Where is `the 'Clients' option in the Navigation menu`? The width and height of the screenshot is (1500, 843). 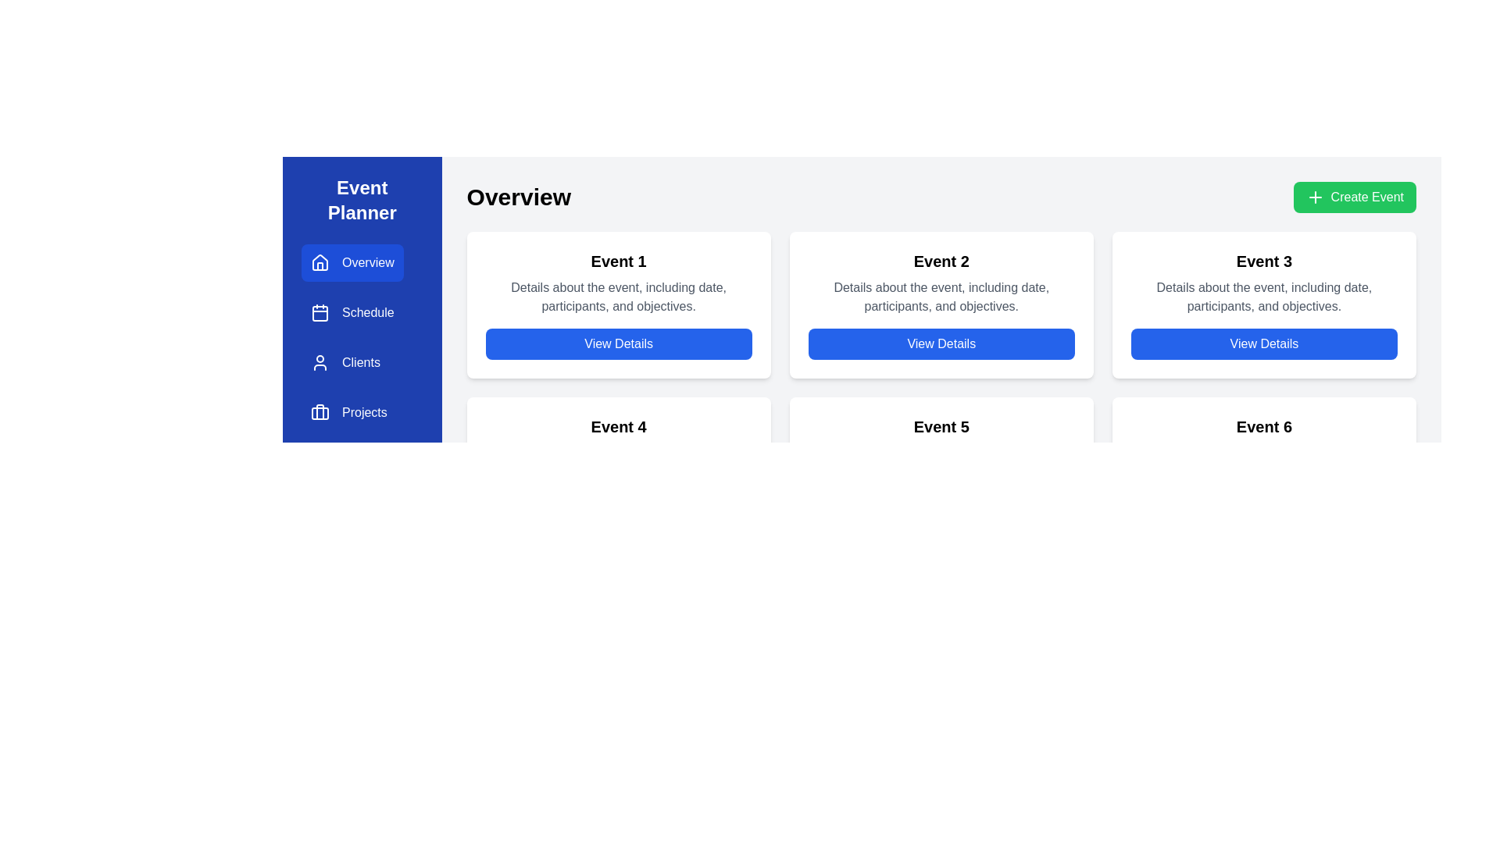 the 'Clients' option in the Navigation menu is located at coordinates (352, 363).